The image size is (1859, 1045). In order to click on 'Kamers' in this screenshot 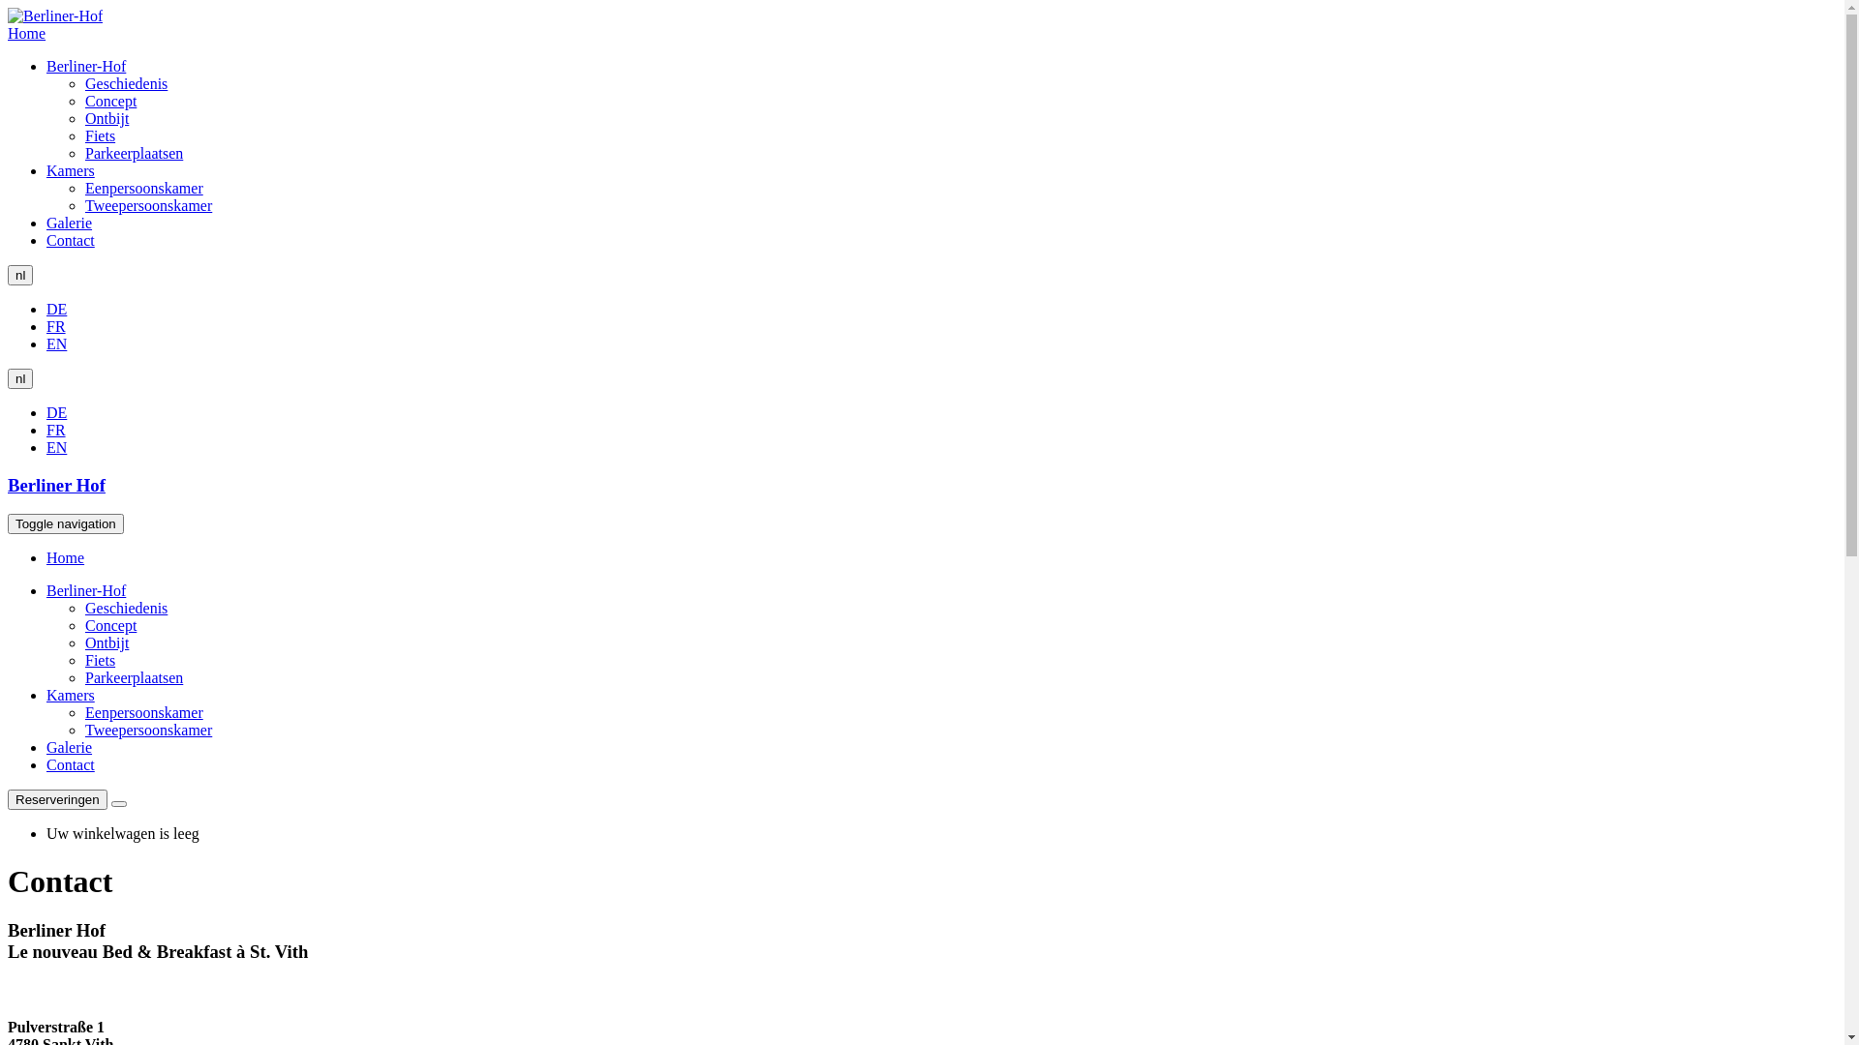, I will do `click(70, 169)`.